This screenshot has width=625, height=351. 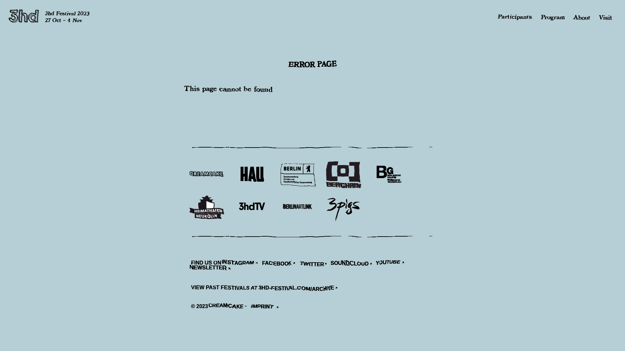 What do you see at coordinates (259, 288) in the screenshot?
I see `'3HD-FESTIVAL.COM/ARCHIVE'` at bounding box center [259, 288].